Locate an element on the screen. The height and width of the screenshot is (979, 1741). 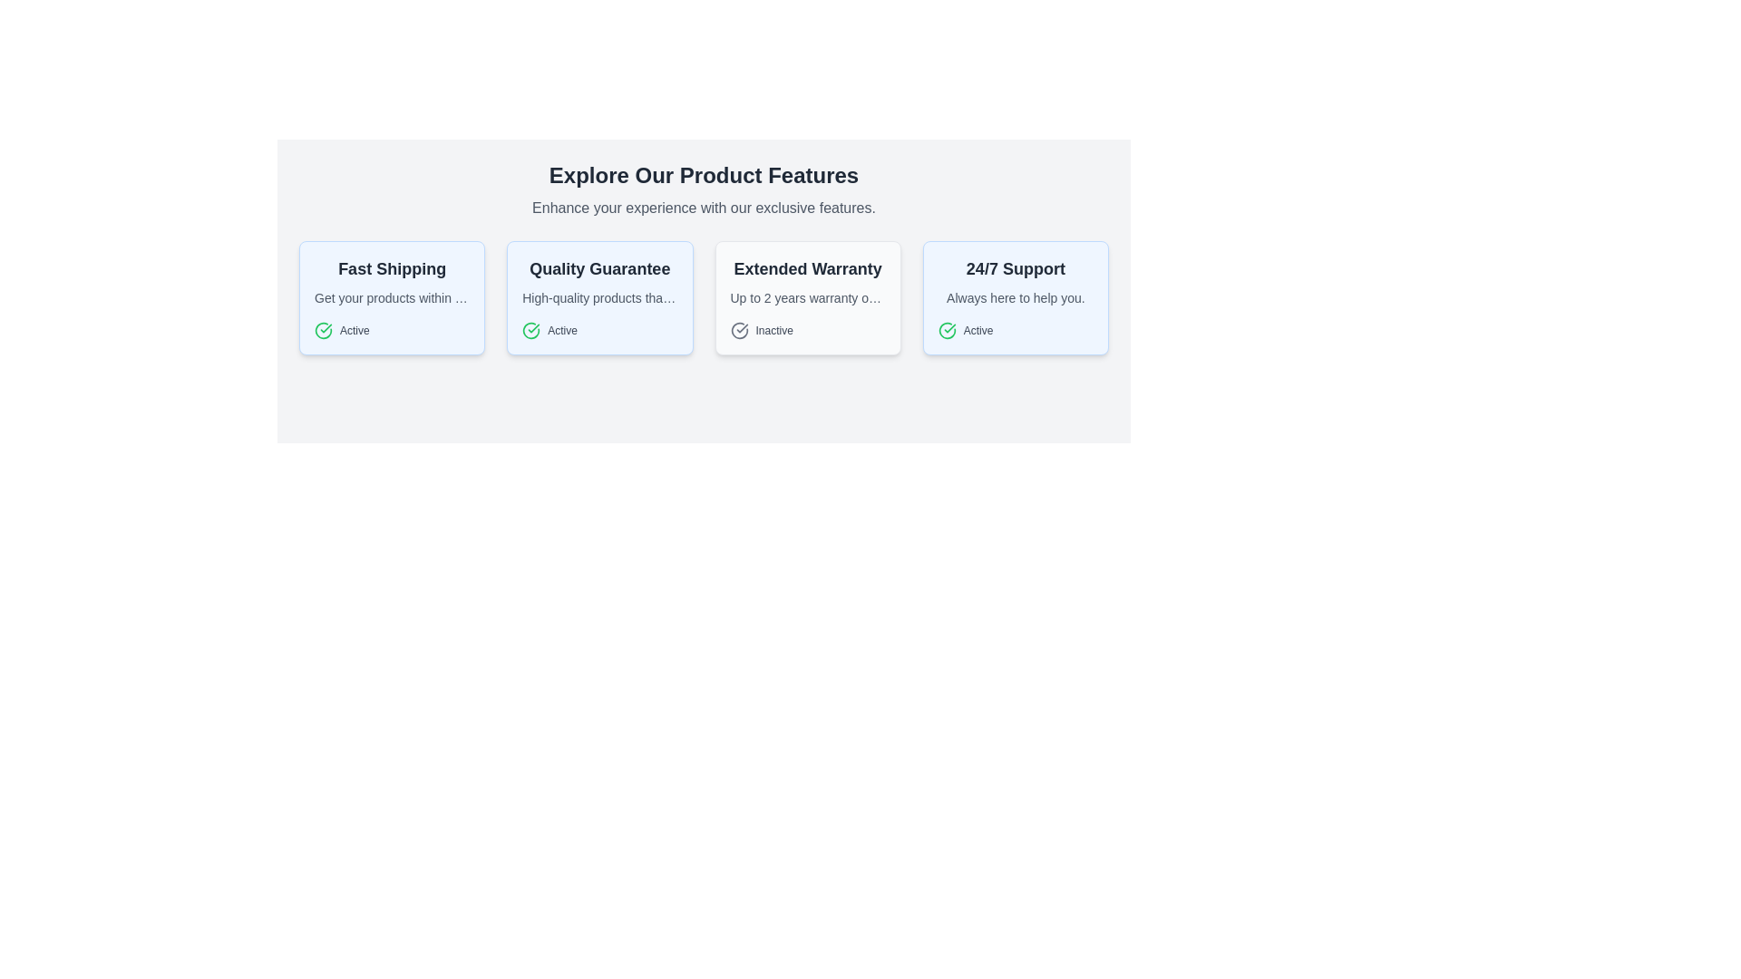
the text element displaying 'Enhance your experience with our exclusive features.' which is styled in gray and positioned below the title 'Explore Our Product Features.' is located at coordinates (703, 208).